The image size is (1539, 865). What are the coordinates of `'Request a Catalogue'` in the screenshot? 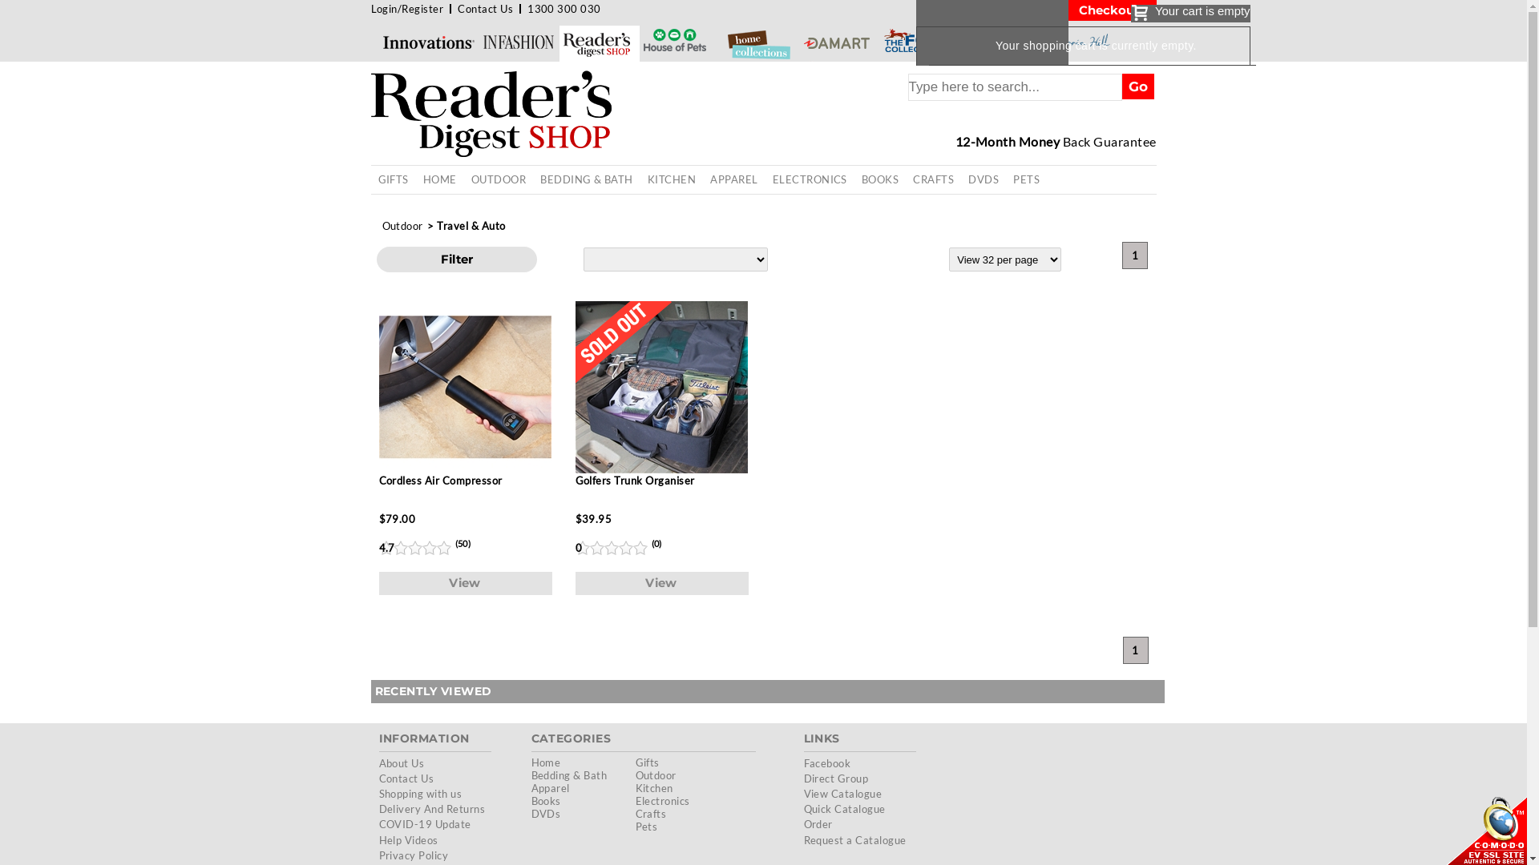 It's located at (853, 839).